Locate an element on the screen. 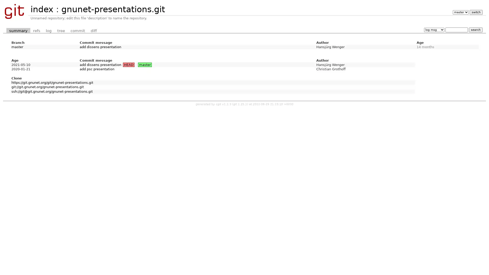 The image size is (489, 275). search is located at coordinates (475, 30).